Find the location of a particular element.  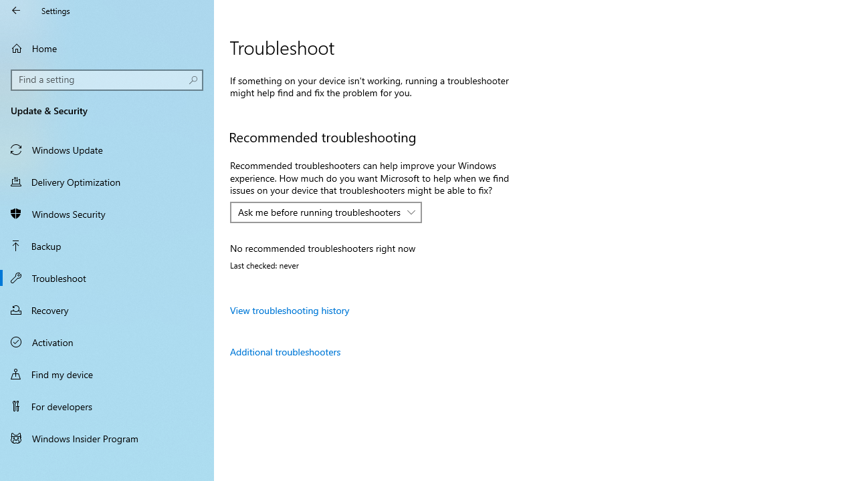

'View troubleshooting history' is located at coordinates (289, 310).